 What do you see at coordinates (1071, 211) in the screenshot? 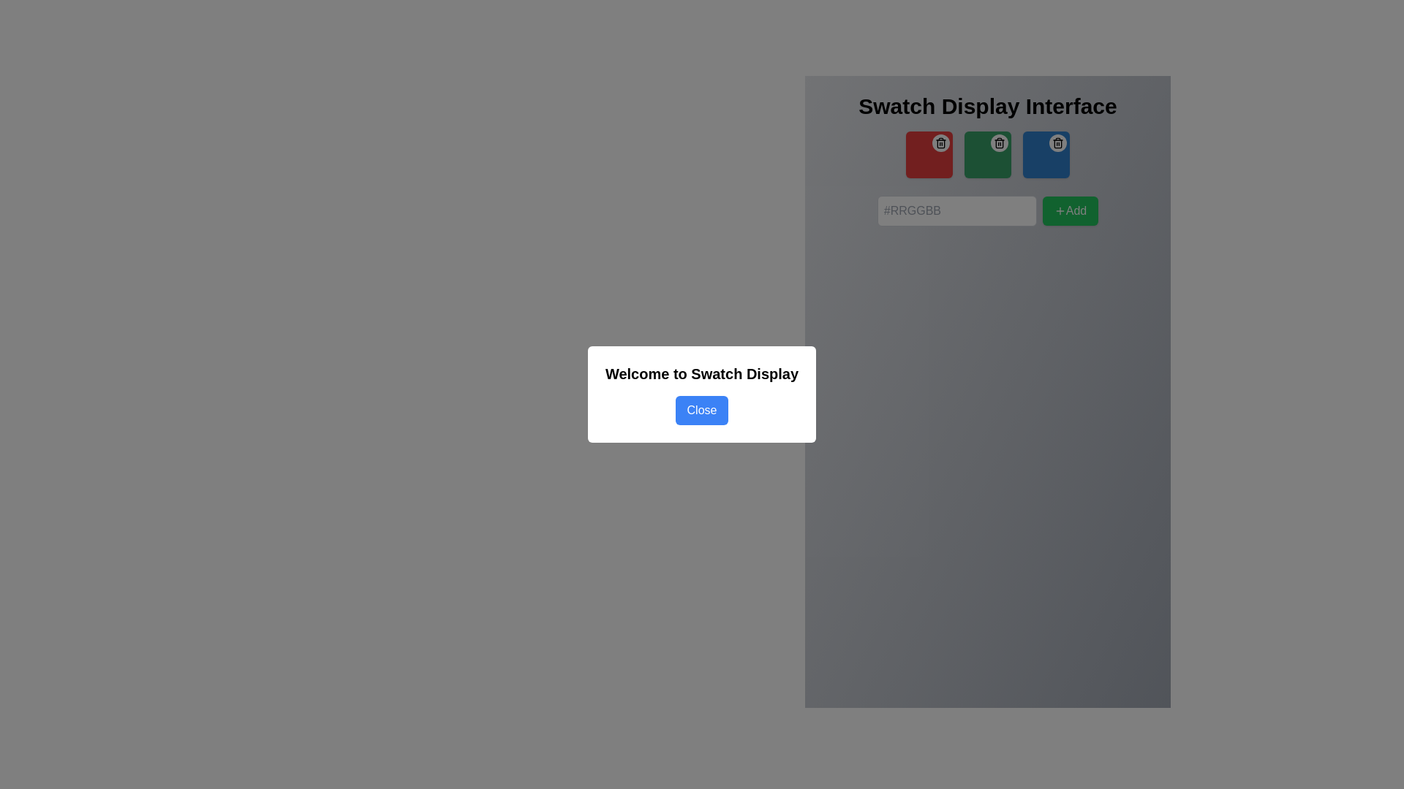
I see `the button designed to add a new item or selection, located on the right side of the row adjacent to the input field` at bounding box center [1071, 211].